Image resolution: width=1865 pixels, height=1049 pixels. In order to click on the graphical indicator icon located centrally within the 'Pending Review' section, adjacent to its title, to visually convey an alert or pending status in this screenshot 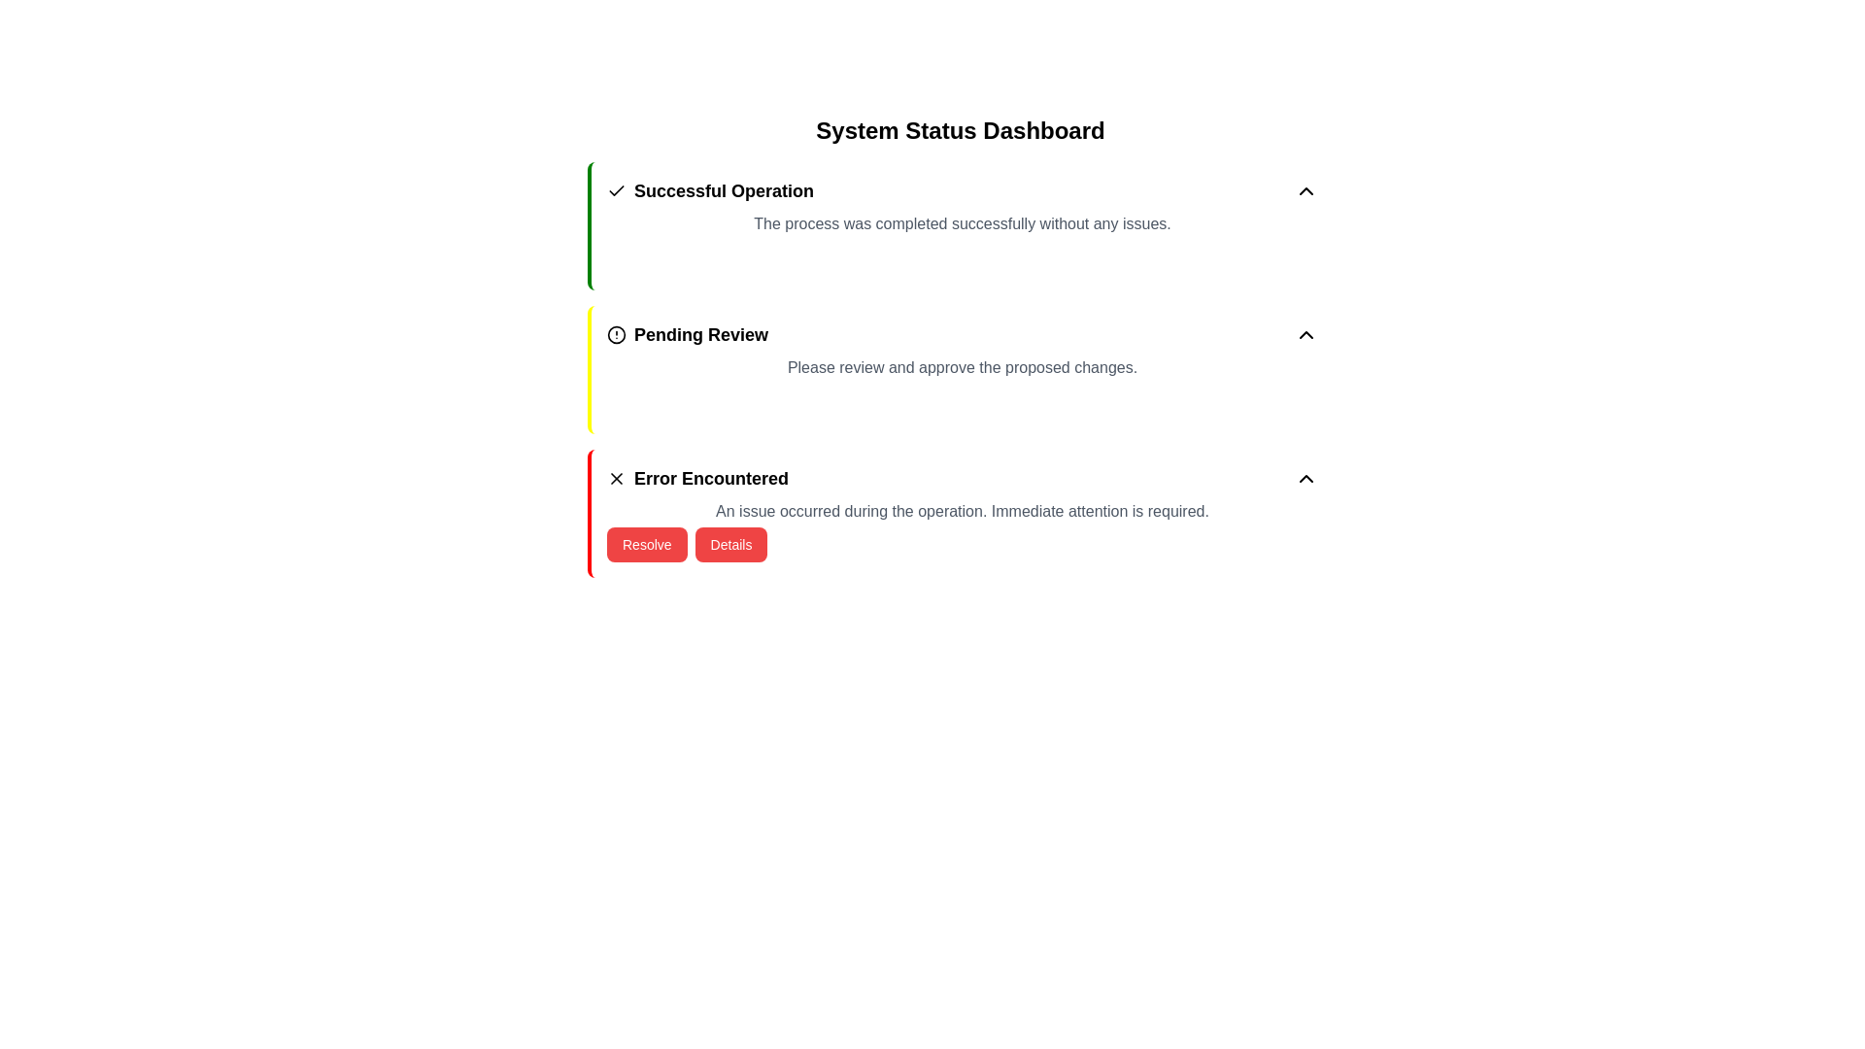, I will do `click(615, 333)`.